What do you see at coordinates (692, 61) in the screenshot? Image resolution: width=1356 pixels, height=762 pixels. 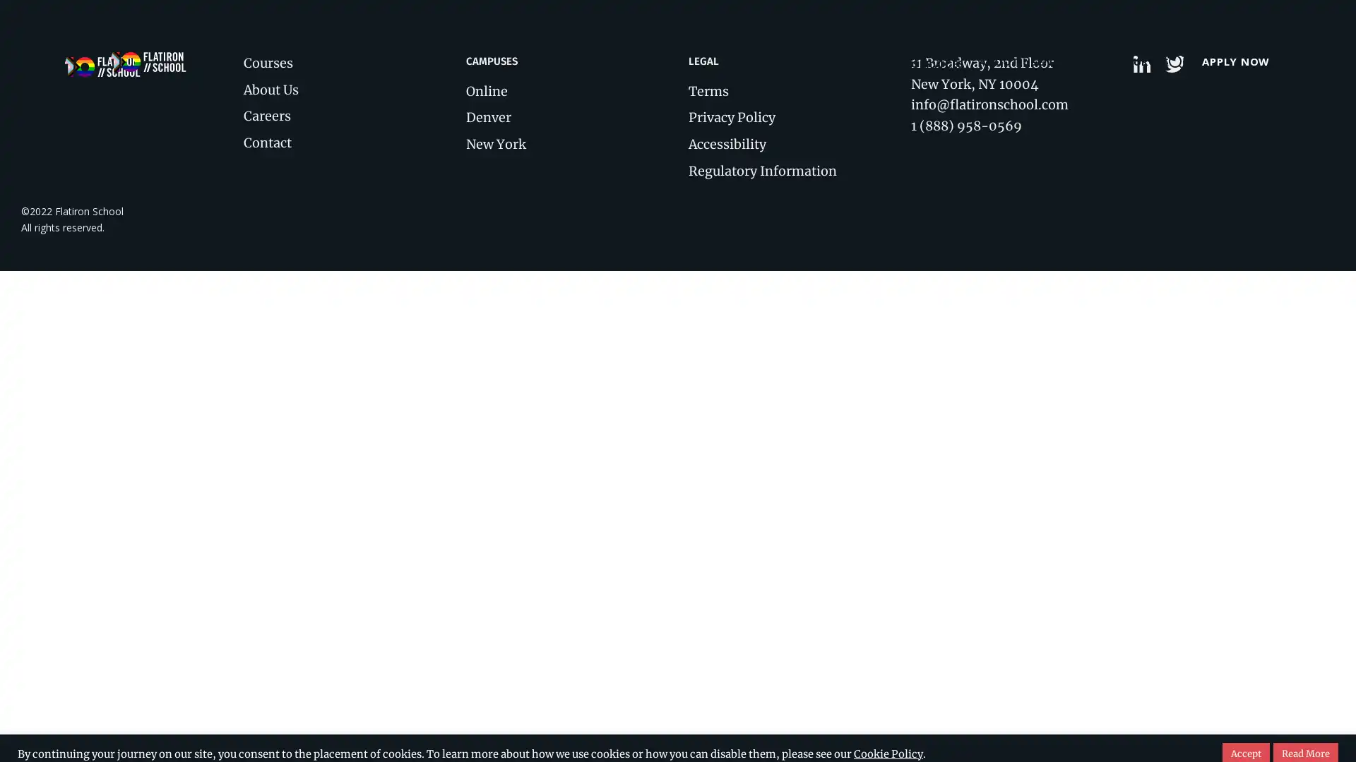 I see `LOCATIONS` at bounding box center [692, 61].